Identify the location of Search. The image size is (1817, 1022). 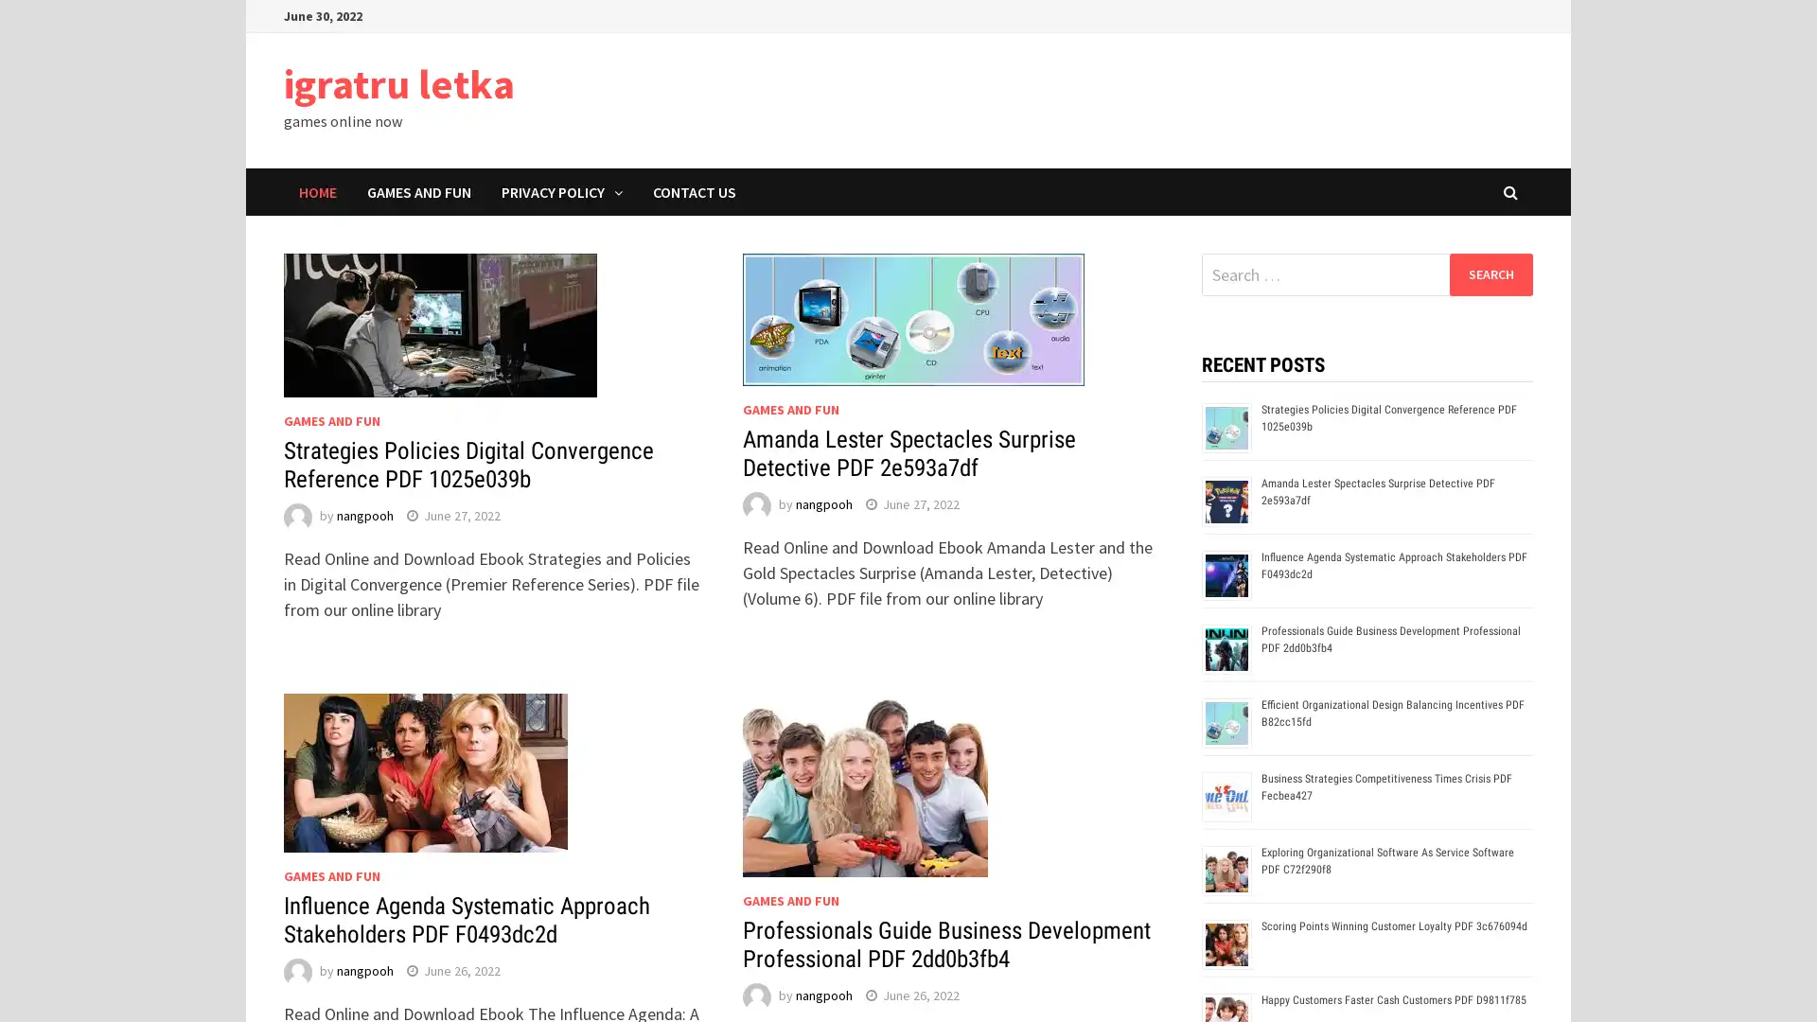
(1490, 273).